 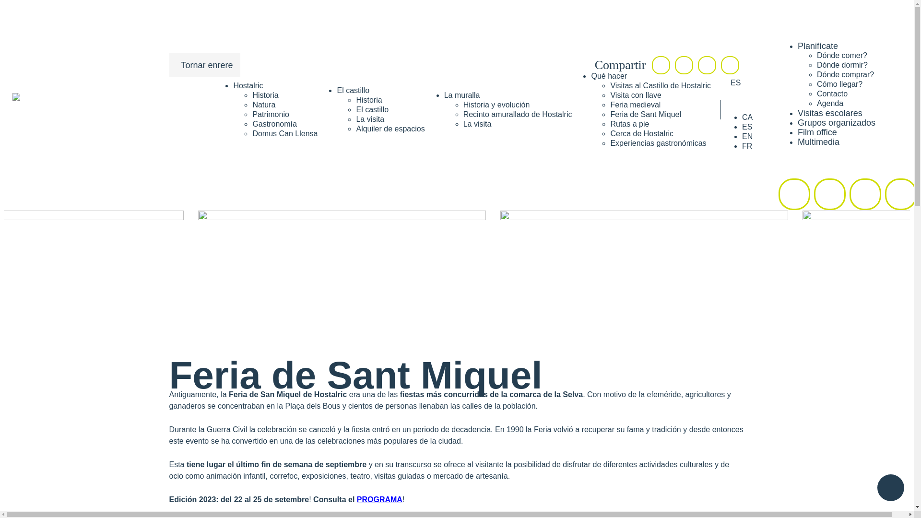 What do you see at coordinates (747, 117) in the screenshot?
I see `'CA'` at bounding box center [747, 117].